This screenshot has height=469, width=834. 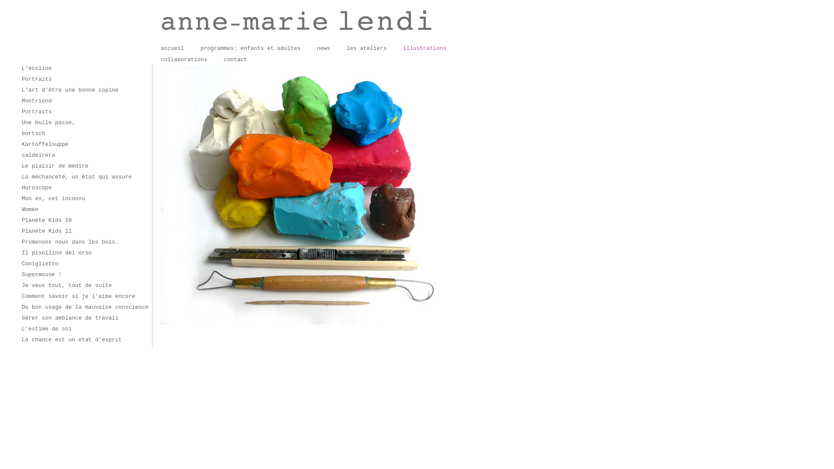 I want to click on 'caldeirera', so click(x=38, y=155).